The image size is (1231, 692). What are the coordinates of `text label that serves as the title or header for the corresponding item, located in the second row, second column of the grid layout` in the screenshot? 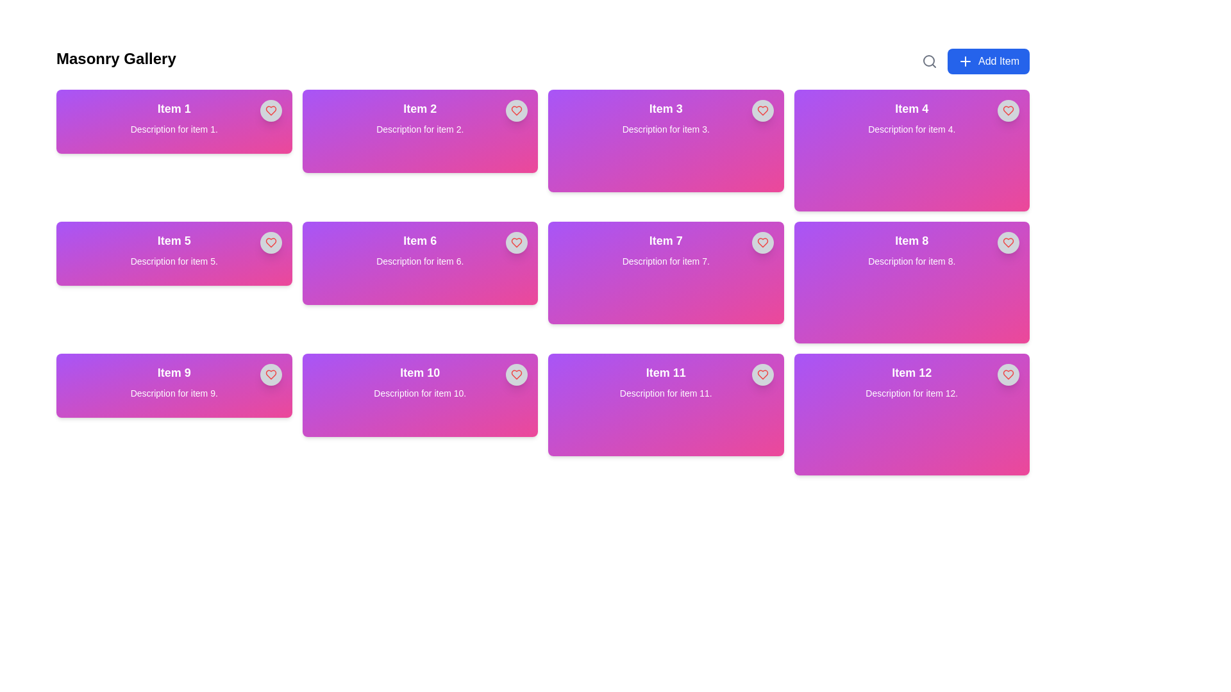 It's located at (420, 240).